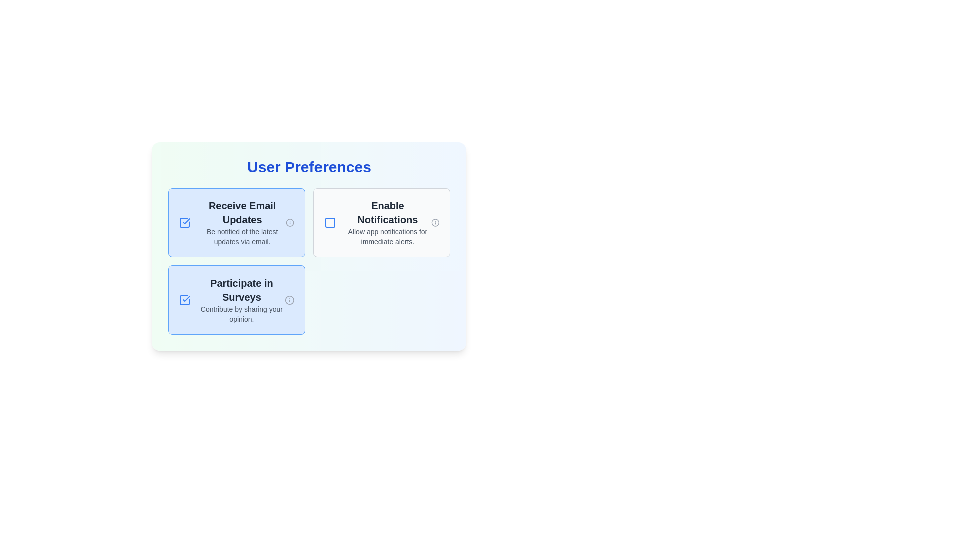 The image size is (963, 542). What do you see at coordinates (435, 222) in the screenshot?
I see `the tooltip icon located in the 'Enable Notifications' module, at the top-right corner near the text 'Allow app notifications for immediate alerts.'` at bounding box center [435, 222].